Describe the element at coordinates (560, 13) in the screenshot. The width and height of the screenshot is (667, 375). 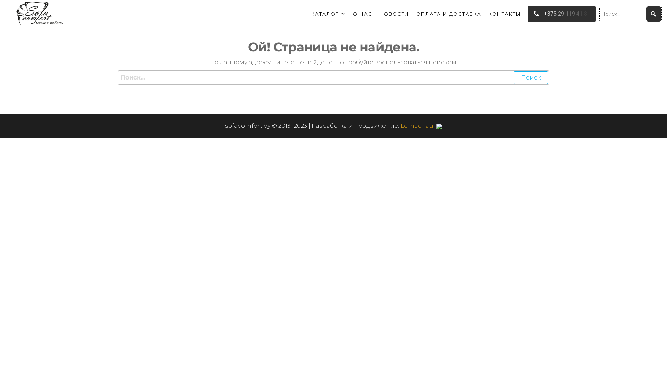
I see `'+375 29 119 41 8'` at that location.